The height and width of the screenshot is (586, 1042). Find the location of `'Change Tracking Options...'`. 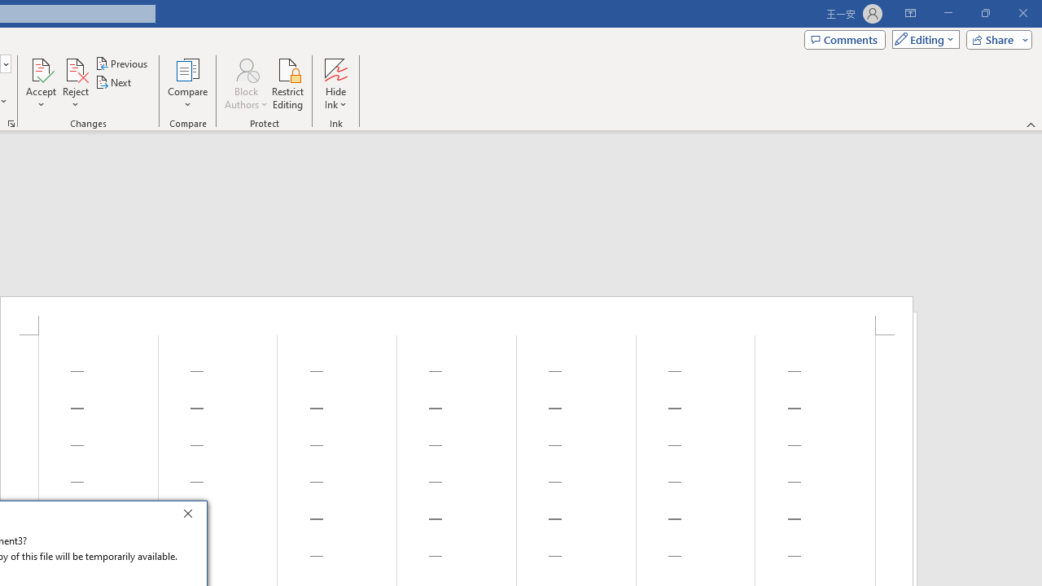

'Change Tracking Options...' is located at coordinates (11, 122).